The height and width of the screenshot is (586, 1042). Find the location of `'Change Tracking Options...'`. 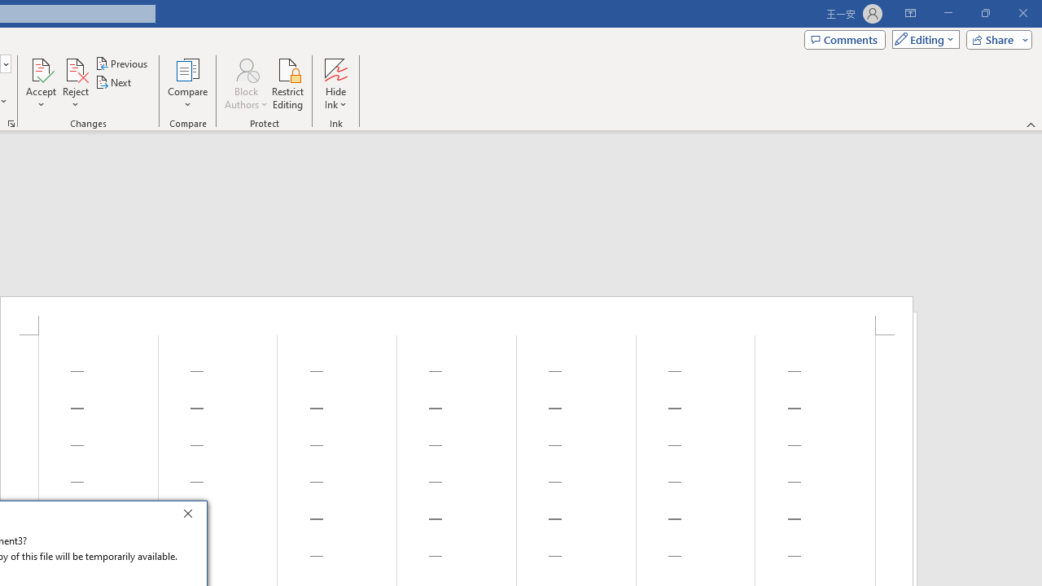

'Change Tracking Options...' is located at coordinates (11, 122).